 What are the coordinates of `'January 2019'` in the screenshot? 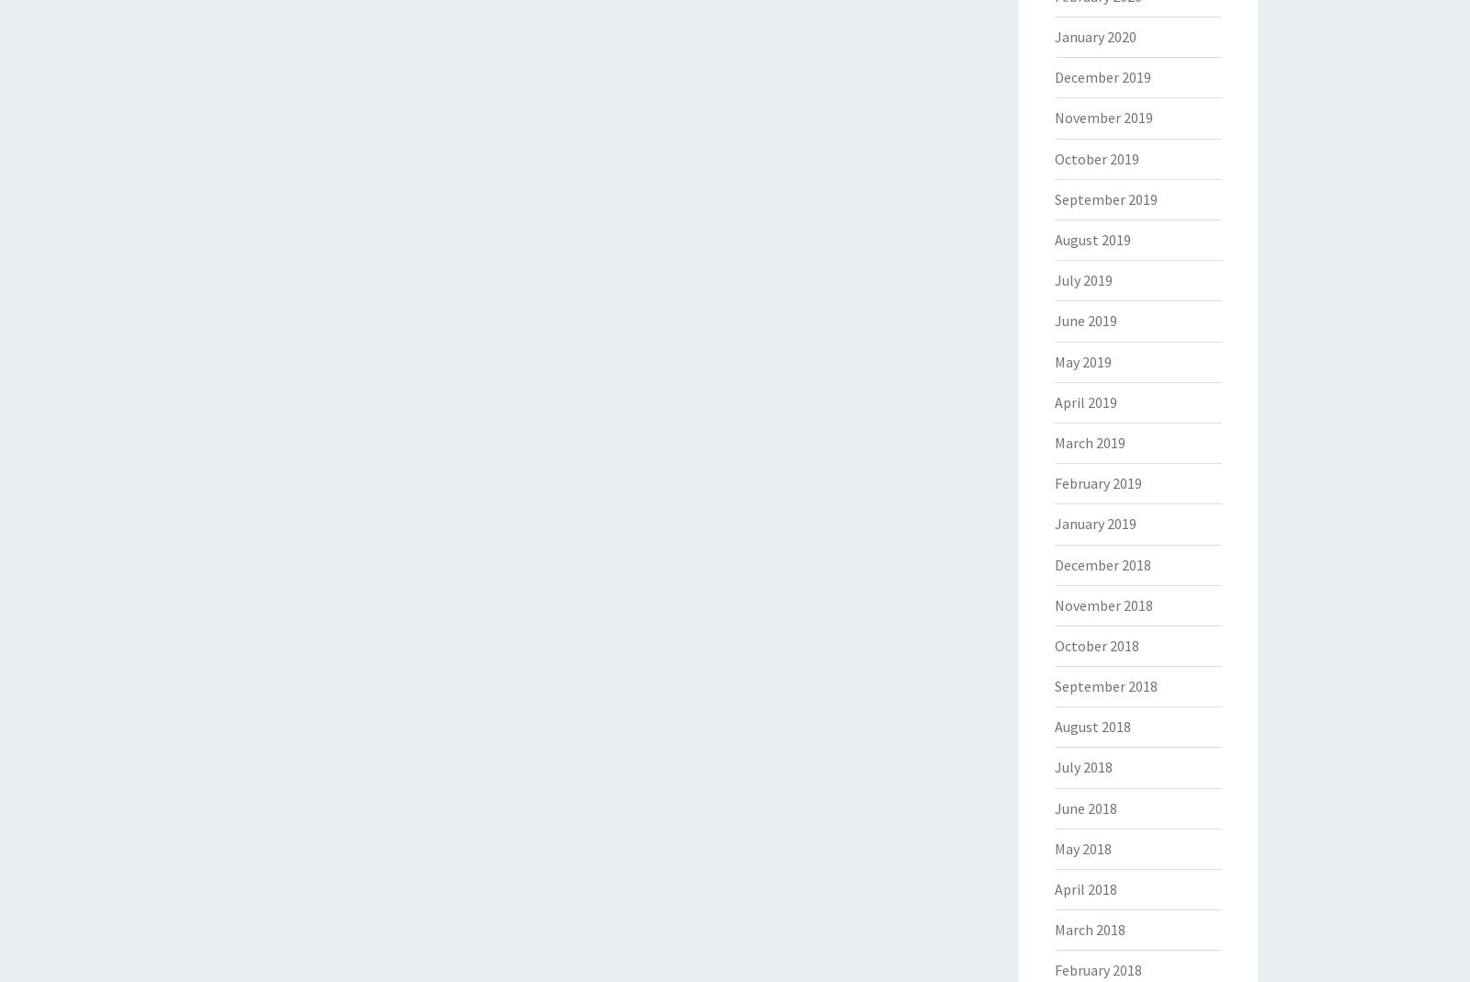 It's located at (1094, 523).